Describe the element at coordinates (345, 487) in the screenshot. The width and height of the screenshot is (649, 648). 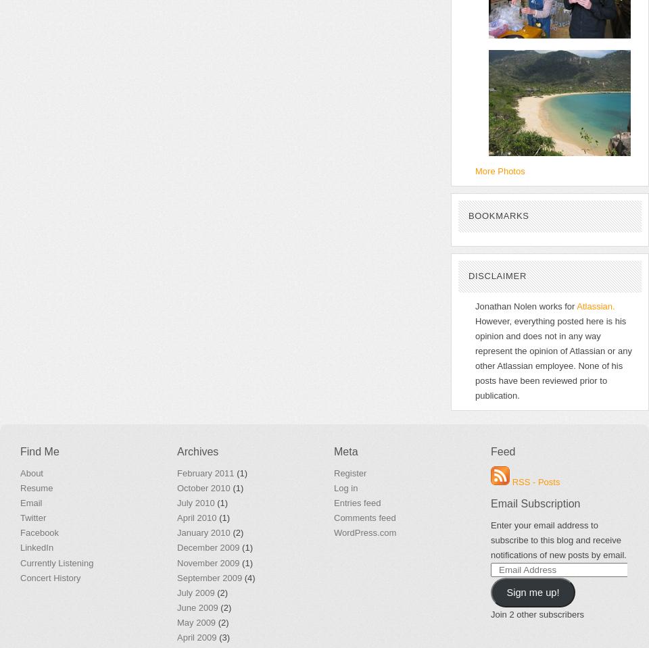
I see `'Log in'` at that location.